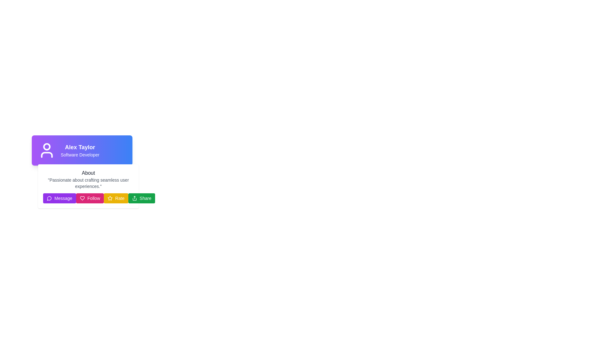  What do you see at coordinates (88, 198) in the screenshot?
I see `the 'Follow' button with a pink background and white text, located to the right of the 'Message' button and left of the 'Rate' button, to initiate the follow action` at bounding box center [88, 198].